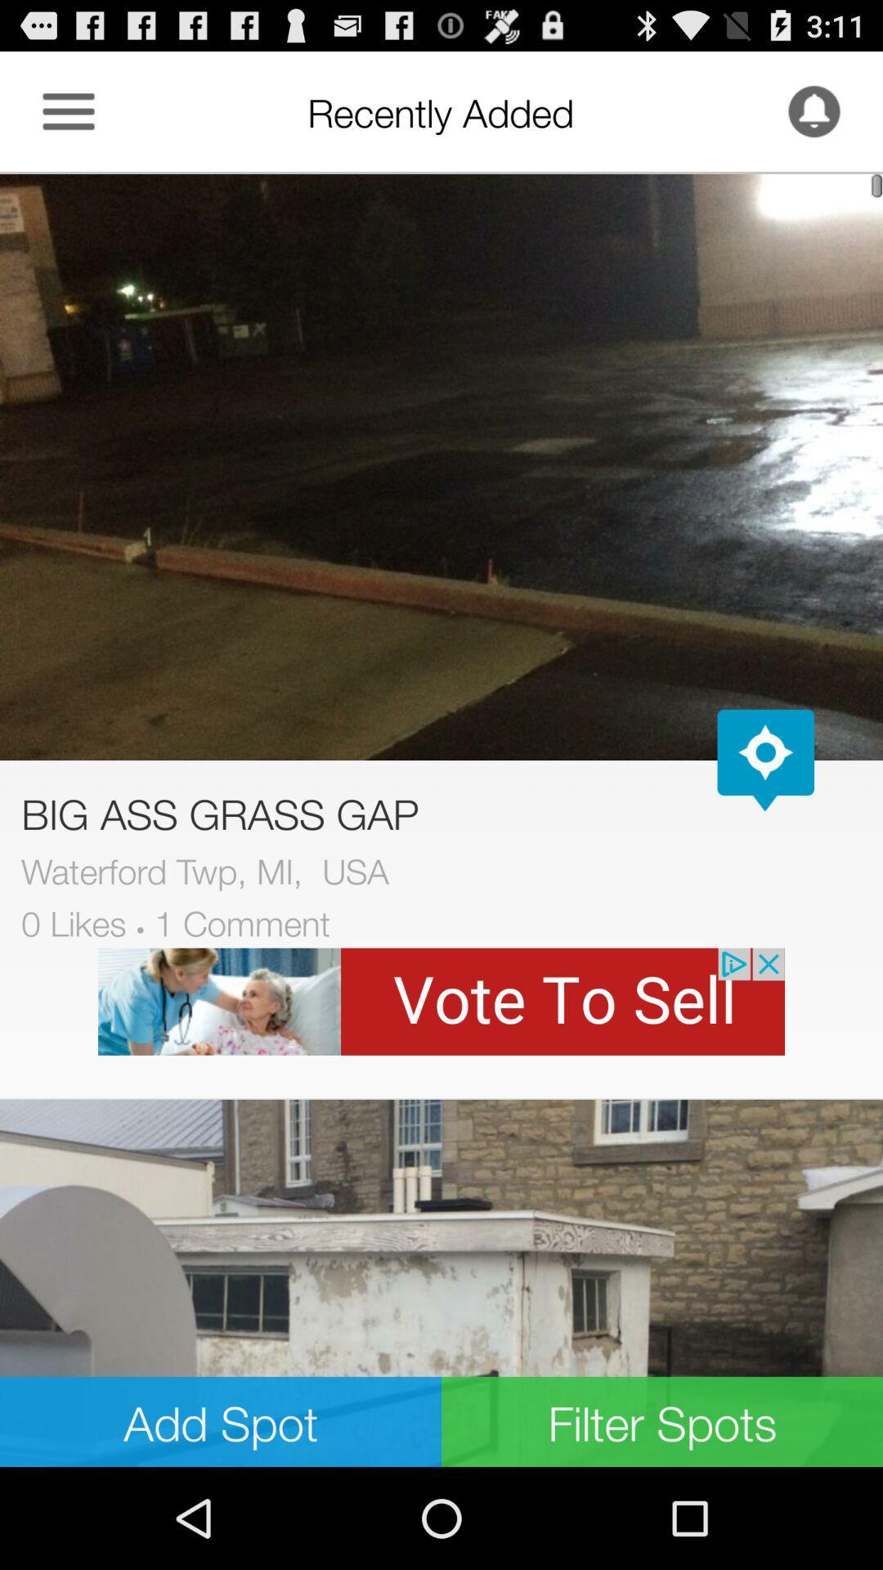 This screenshot has width=883, height=1570. Describe the element at coordinates (441, 1001) in the screenshot. I see `exit advertisement` at that location.